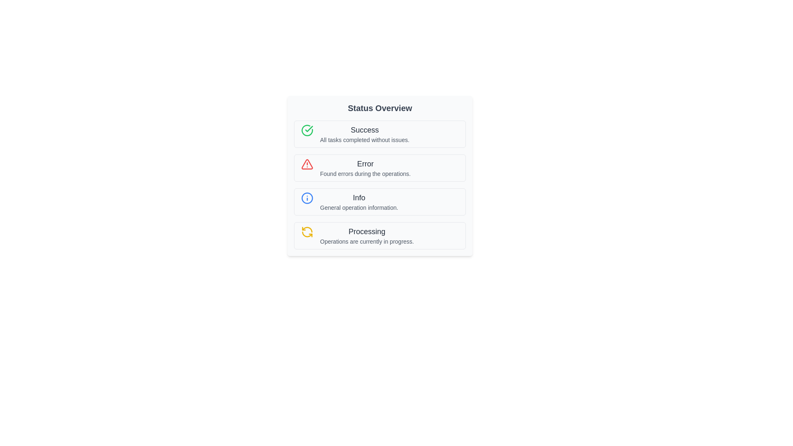 This screenshot has width=793, height=446. I want to click on the error icon located in the 'Status Overview' section, so click(307, 164).